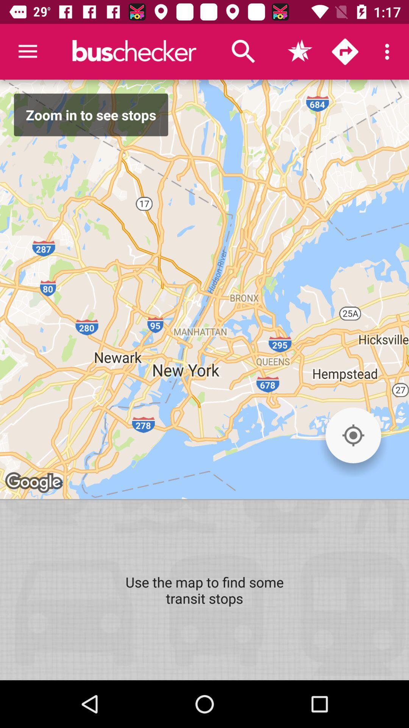 The height and width of the screenshot is (728, 409). Describe the element at coordinates (345, 52) in the screenshot. I see `the icon right side to the star icon` at that location.